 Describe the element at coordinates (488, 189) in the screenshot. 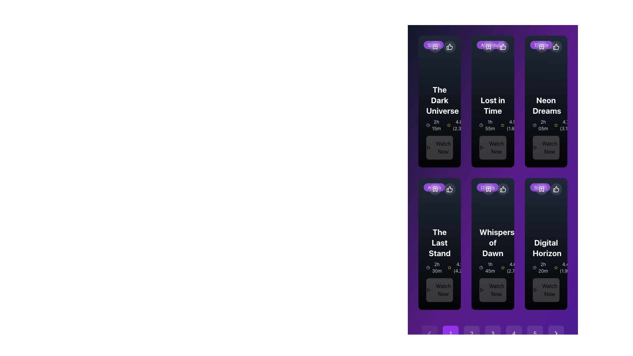

I see `the icon button located at the top section of the card titled 'Whispers of Dawn'` at that location.